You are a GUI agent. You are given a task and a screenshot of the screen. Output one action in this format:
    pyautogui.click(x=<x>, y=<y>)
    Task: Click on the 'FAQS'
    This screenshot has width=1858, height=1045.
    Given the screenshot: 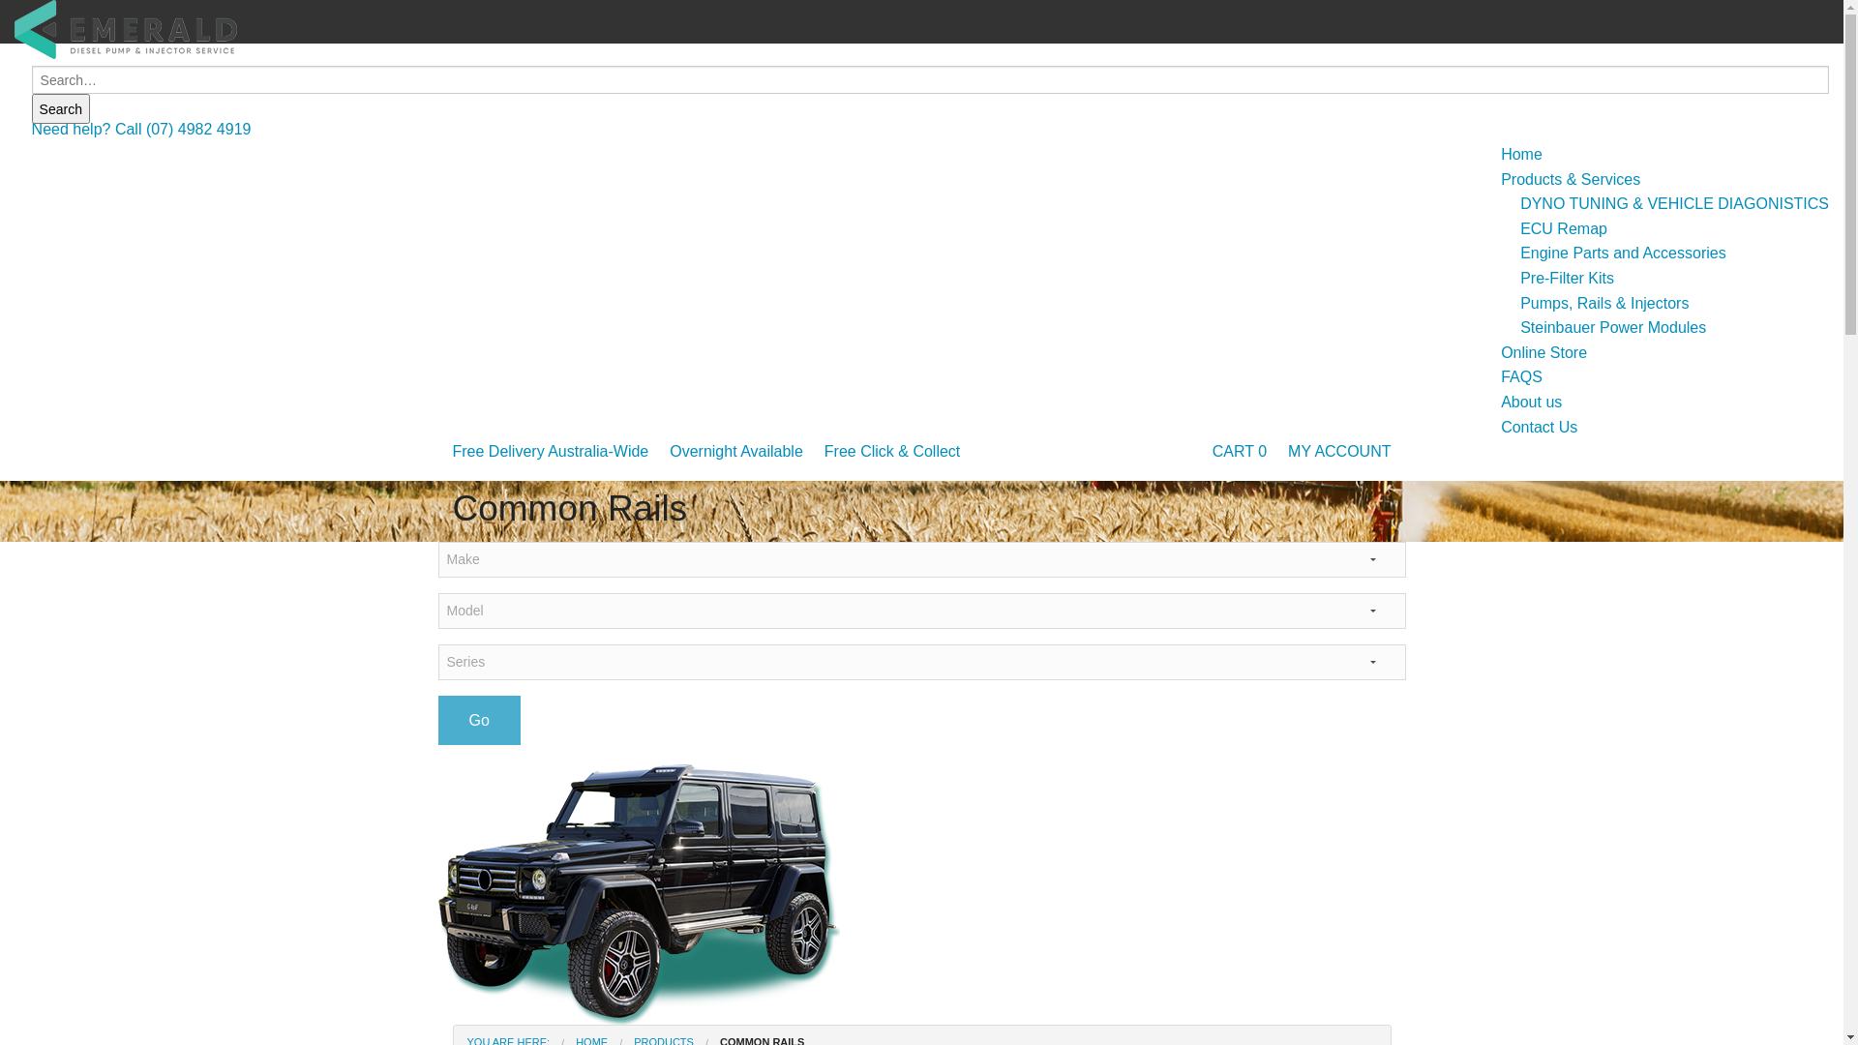 What is the action you would take?
    pyautogui.click(x=1520, y=376)
    